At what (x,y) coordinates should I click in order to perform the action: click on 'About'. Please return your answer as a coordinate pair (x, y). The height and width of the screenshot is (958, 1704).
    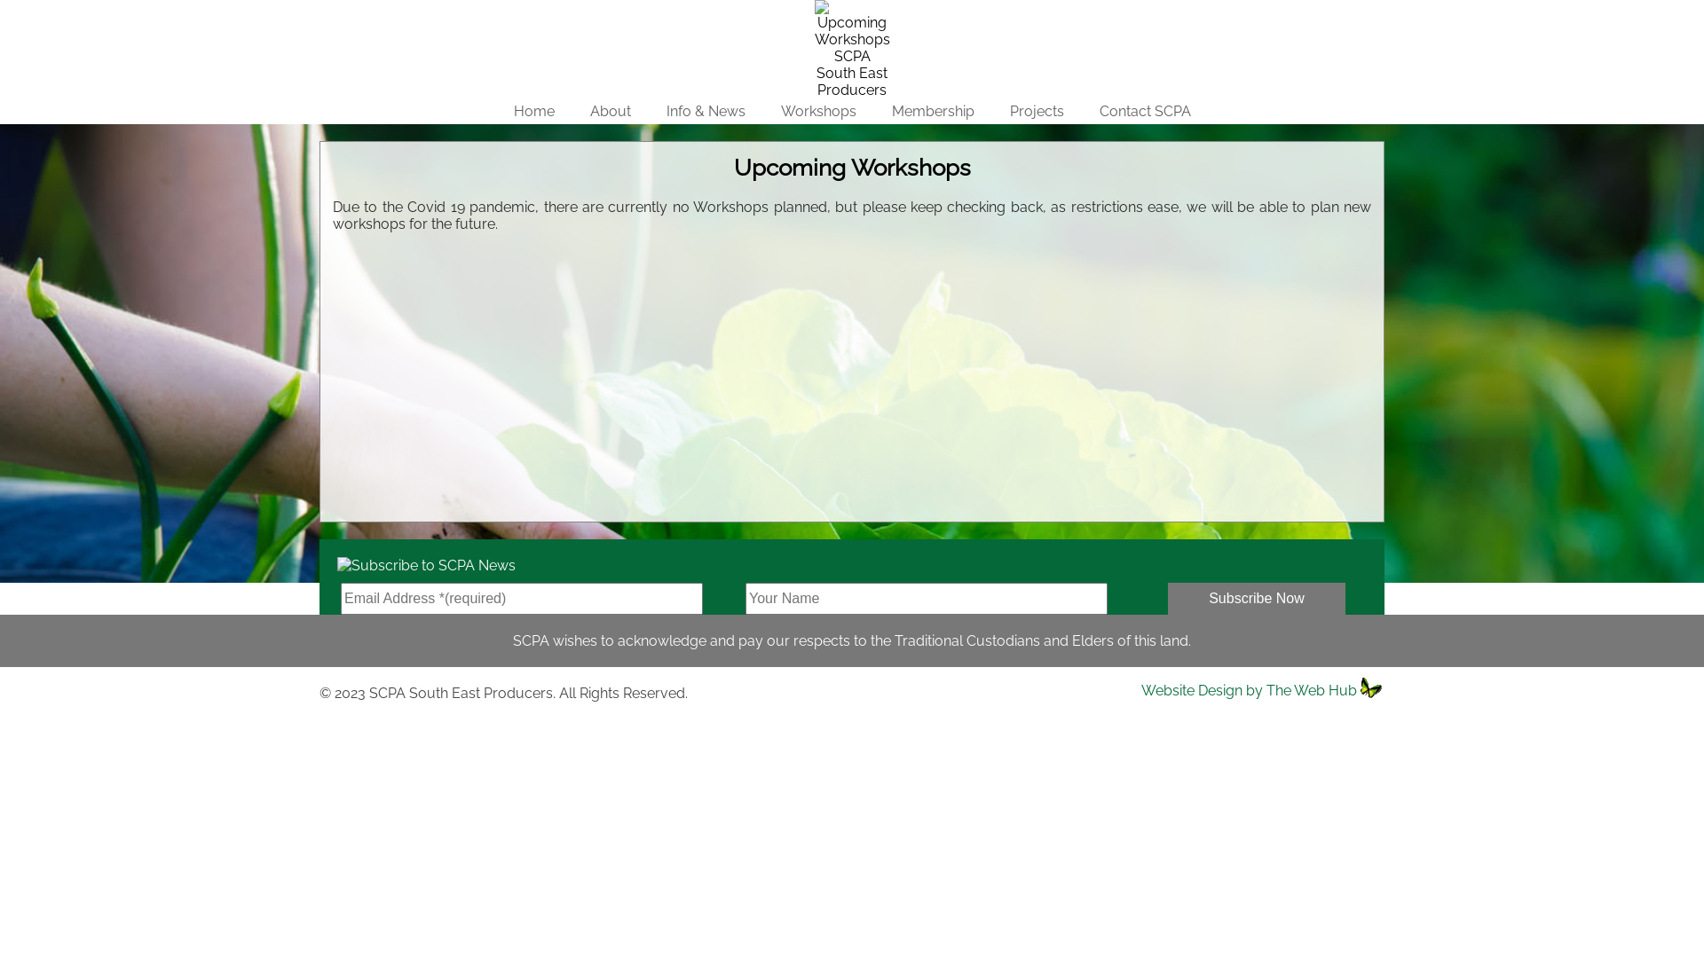
    Looking at the image, I should click on (609, 12).